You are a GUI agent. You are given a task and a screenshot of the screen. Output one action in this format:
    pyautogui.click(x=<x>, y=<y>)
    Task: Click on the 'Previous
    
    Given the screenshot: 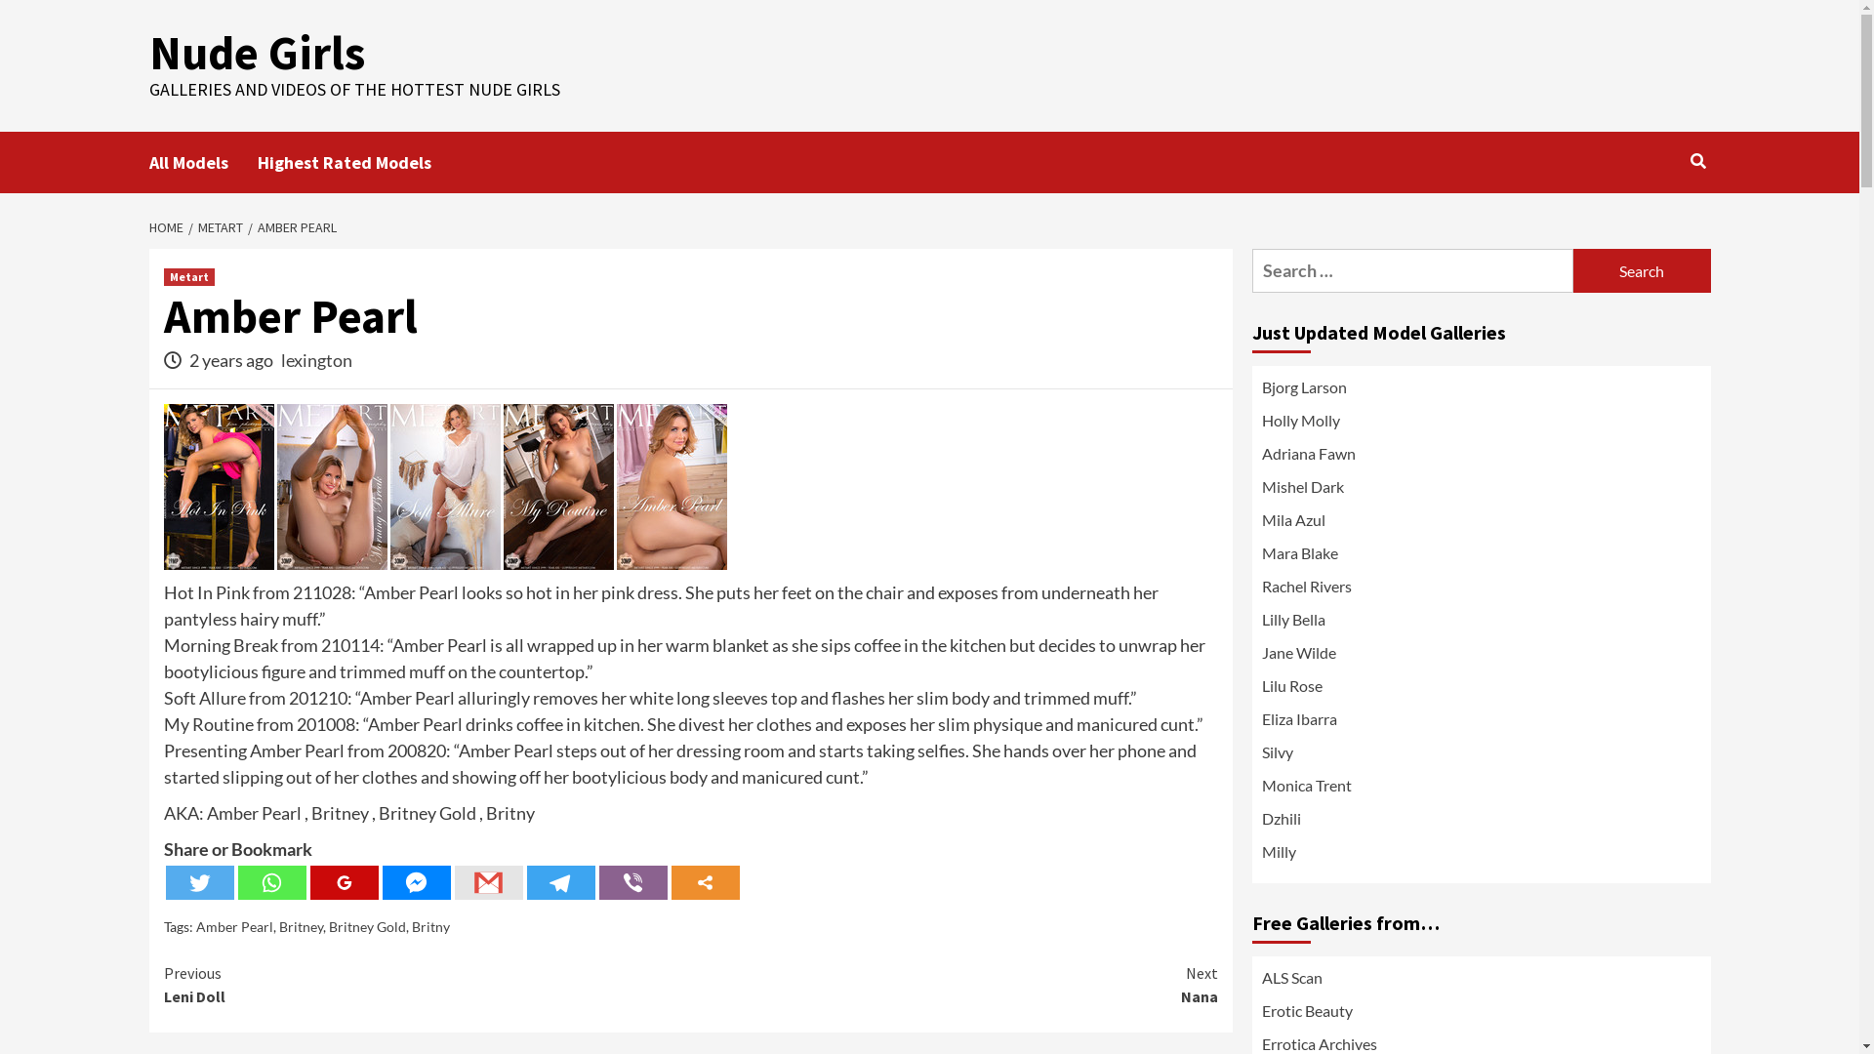 What is the action you would take?
    pyautogui.click(x=426, y=985)
    